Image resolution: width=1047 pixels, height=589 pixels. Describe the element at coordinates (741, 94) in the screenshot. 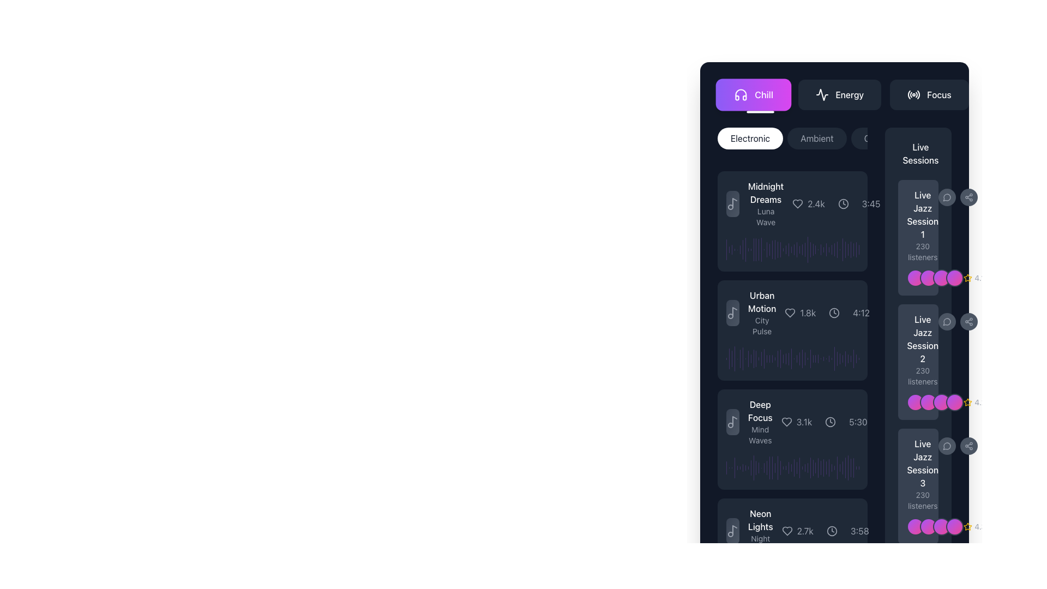

I see `the design and representation of the 'Chill' button icon, which is located on the left side of the button in a horizontal row of buttons near the top section of the interface` at that location.